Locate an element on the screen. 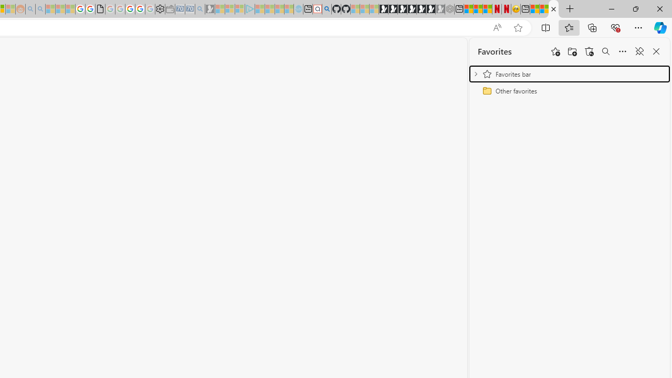 Image resolution: width=672 pixels, height=378 pixels. 'github - Search' is located at coordinates (326, 9).